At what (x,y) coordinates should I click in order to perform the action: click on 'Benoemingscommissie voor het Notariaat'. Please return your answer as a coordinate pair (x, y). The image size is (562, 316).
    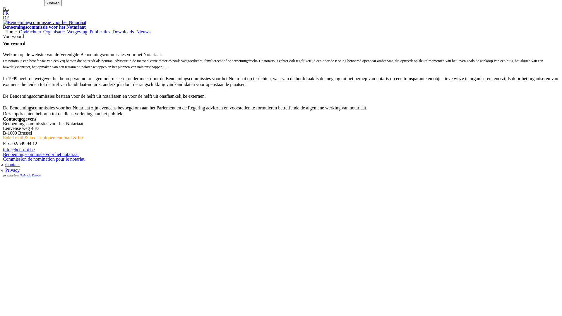
    Looking at the image, I should click on (44, 27).